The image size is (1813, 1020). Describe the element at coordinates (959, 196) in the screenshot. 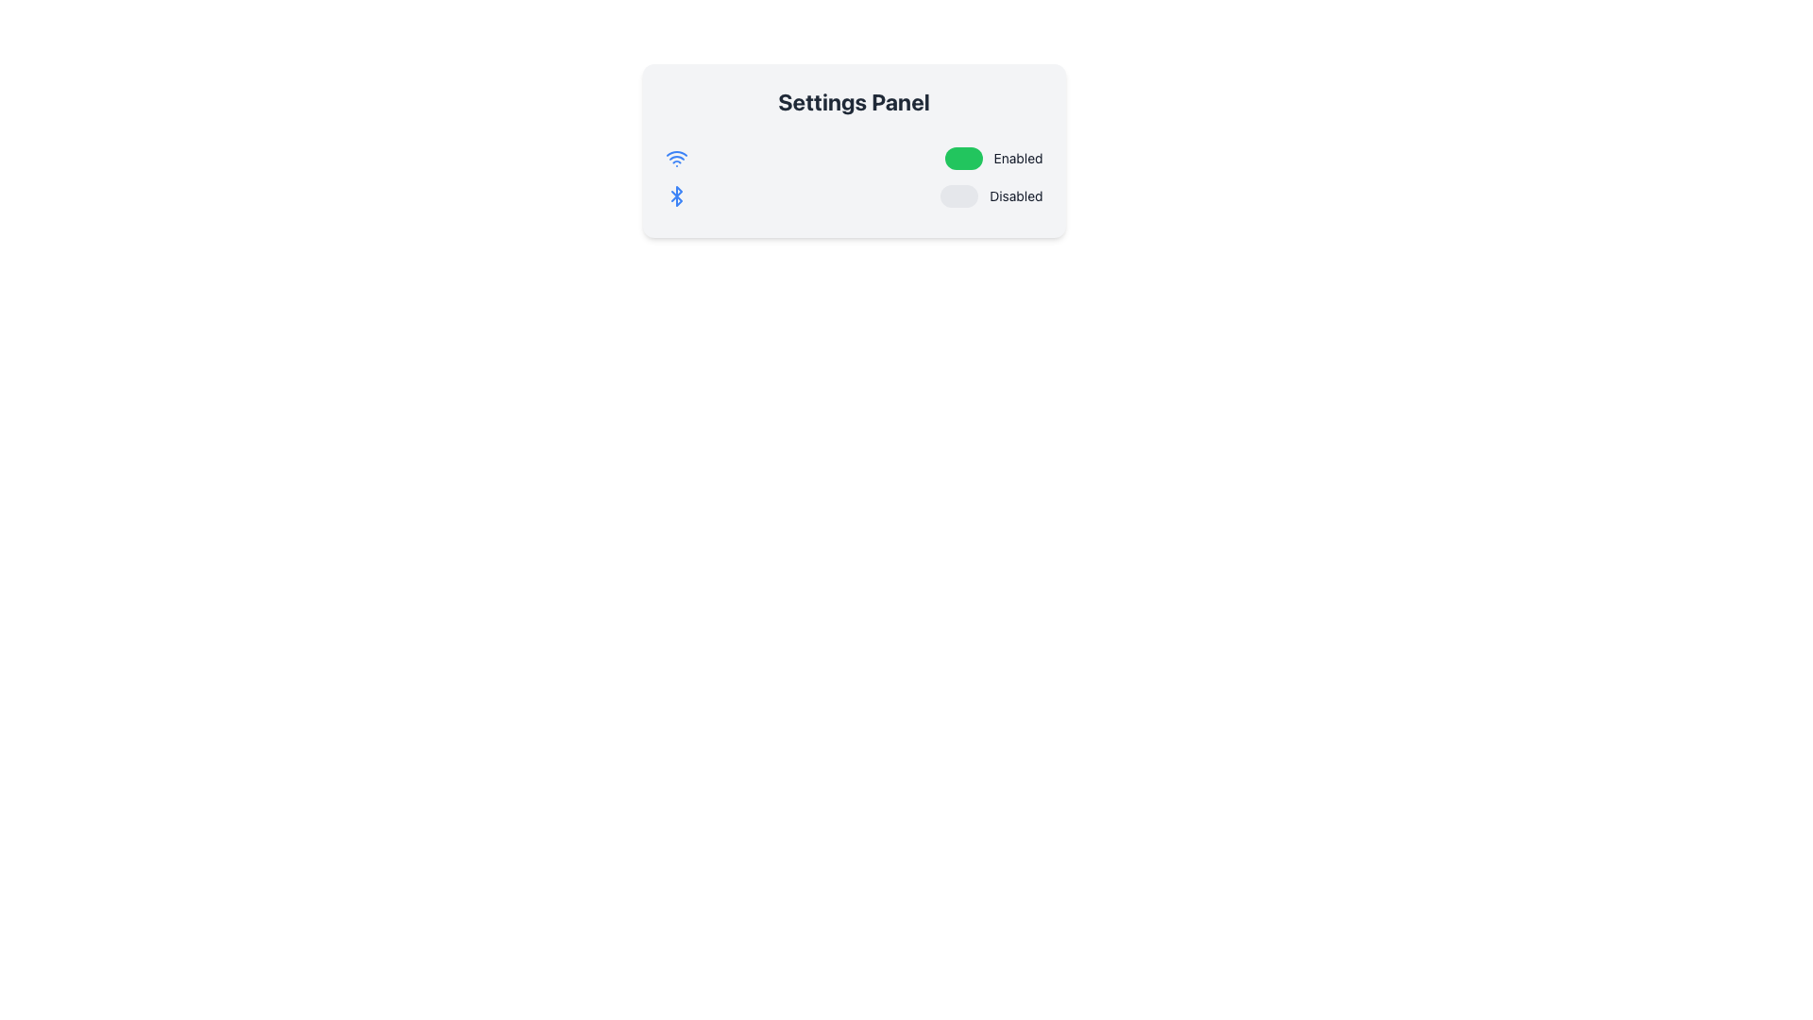

I see `the toggle switch located in the 'Disabled' section of the settings panel, which is the second toggle switch presented vertically` at that location.